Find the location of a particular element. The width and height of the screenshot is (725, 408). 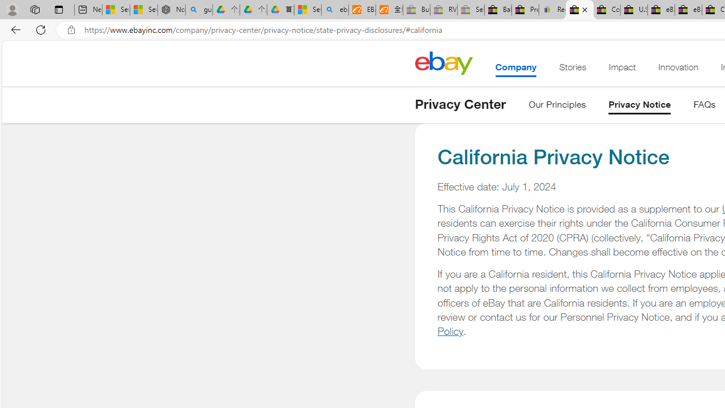

'Privacy Center' is located at coordinates (460, 104).